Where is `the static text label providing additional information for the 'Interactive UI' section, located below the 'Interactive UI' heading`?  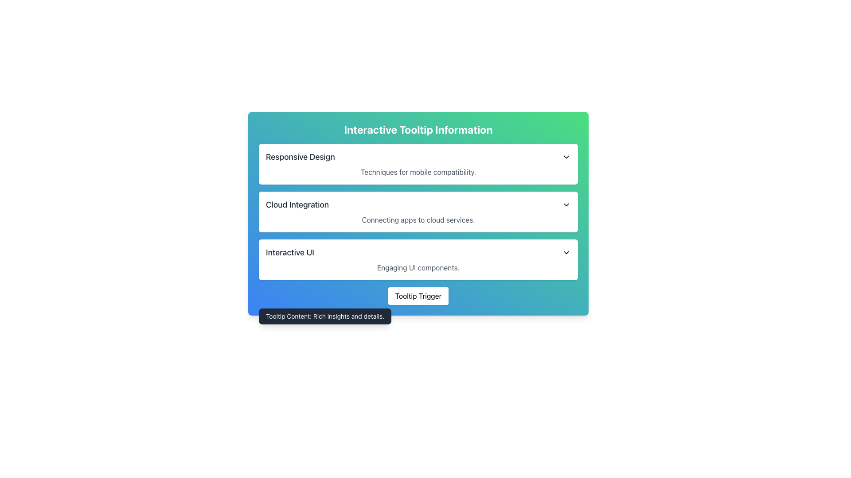
the static text label providing additional information for the 'Interactive UI' section, located below the 'Interactive UI' heading is located at coordinates (418, 267).